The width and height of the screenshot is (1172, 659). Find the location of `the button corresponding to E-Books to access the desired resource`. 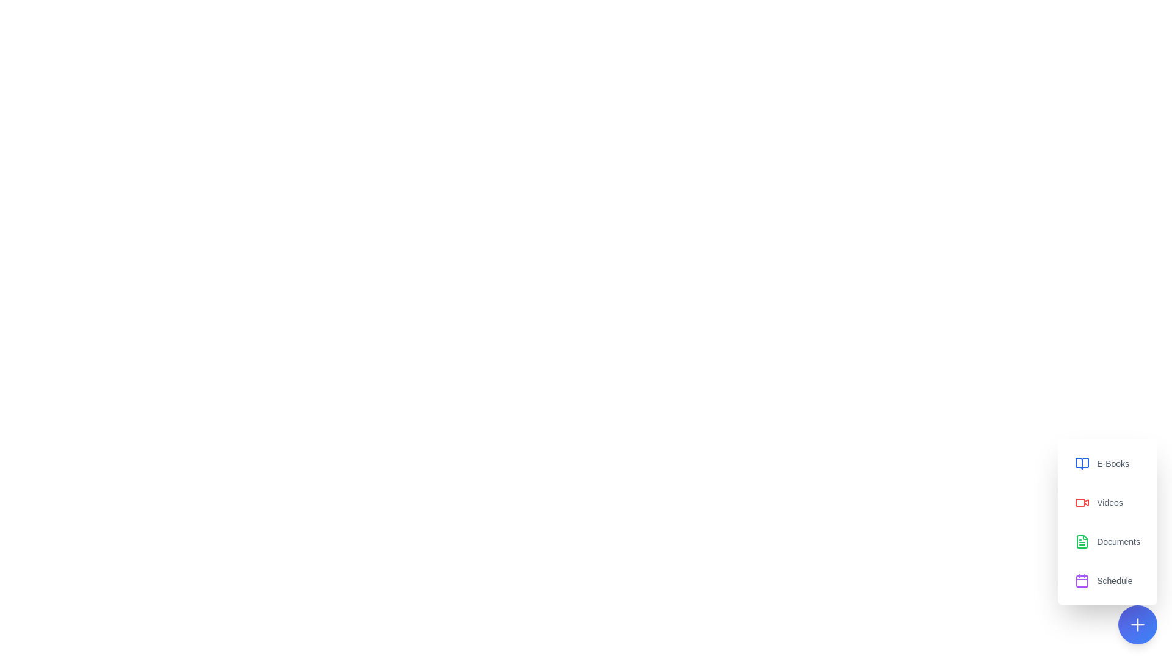

the button corresponding to E-Books to access the desired resource is located at coordinates (1107, 463).